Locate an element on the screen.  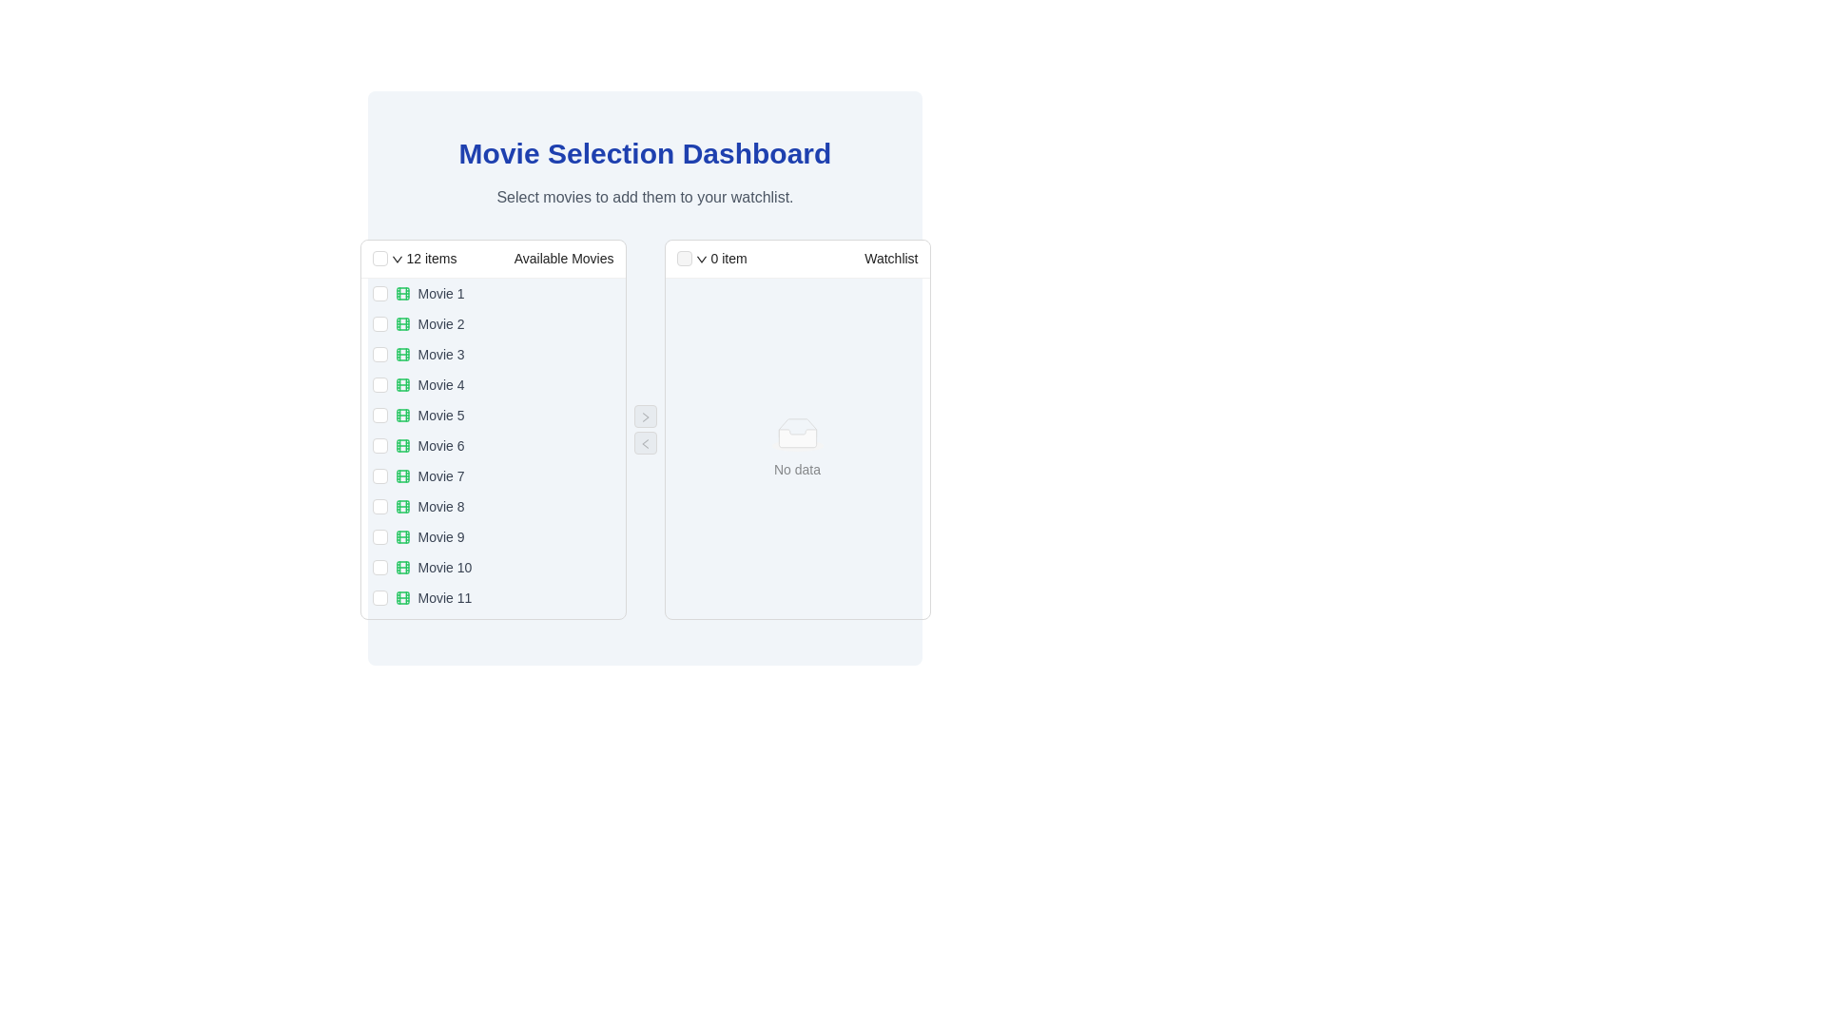
the text label for the eighth movie in the 'Available Movies' section is located at coordinates (440, 505).